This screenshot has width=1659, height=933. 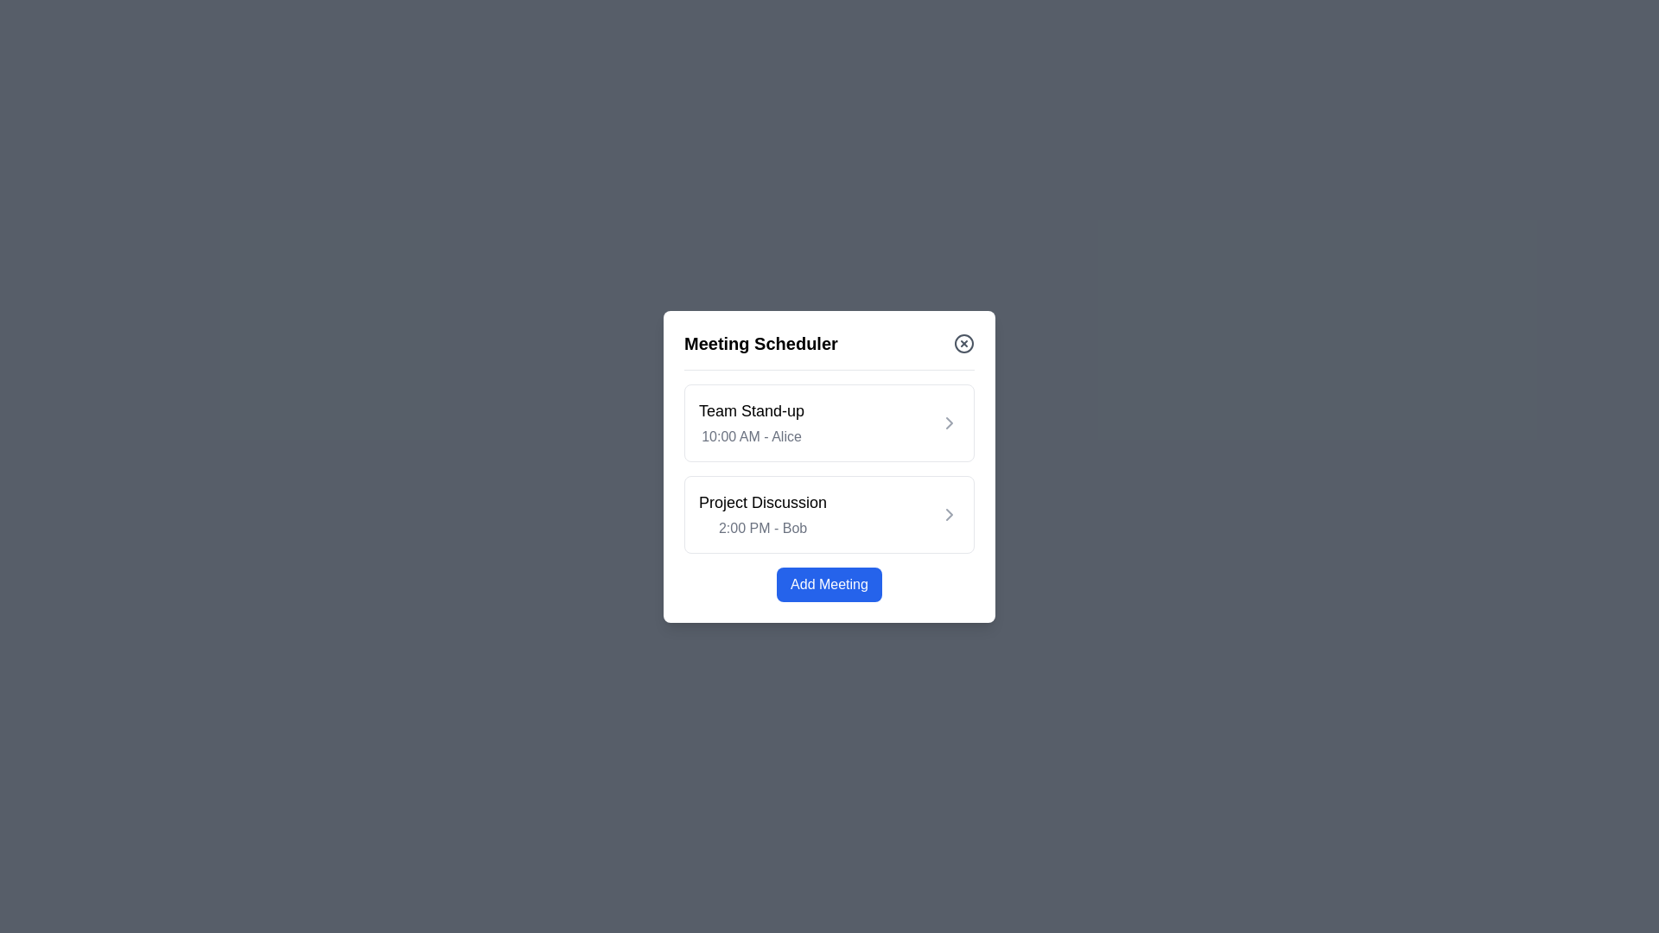 I want to click on the close button located in the top-right corner of the 'Meeting Scheduler' section, so click(x=963, y=343).